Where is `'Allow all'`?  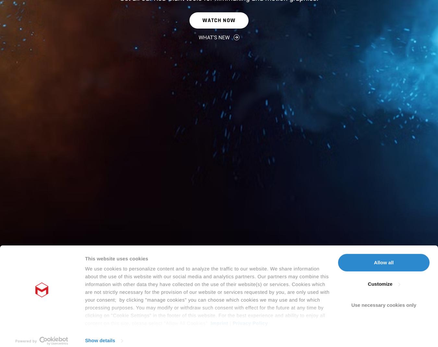 'Allow all' is located at coordinates (383, 211).